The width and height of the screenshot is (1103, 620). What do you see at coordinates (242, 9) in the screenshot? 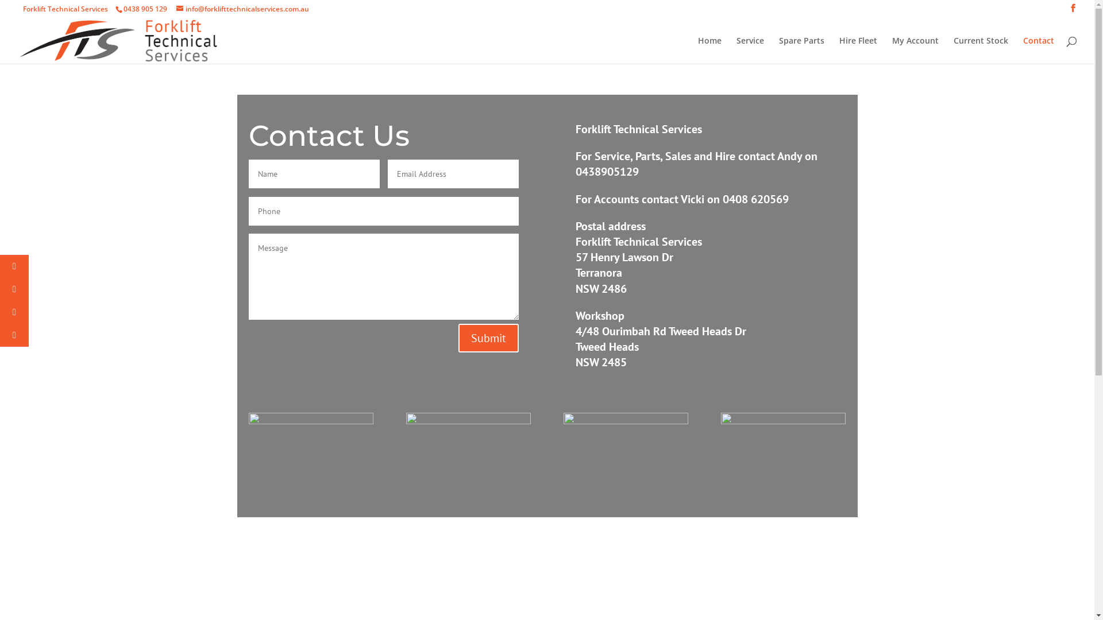
I see `'info@forklifttechnicalservices.com.au'` at bounding box center [242, 9].